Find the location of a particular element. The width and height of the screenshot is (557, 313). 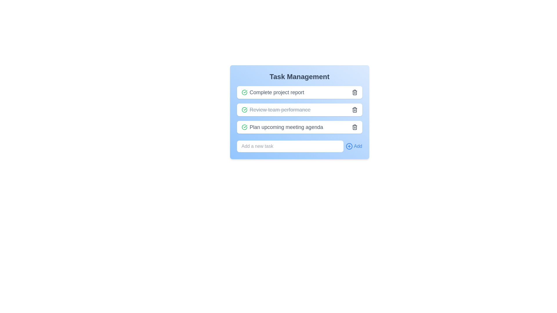

the circular dashed outline of the check icon in the first task row titled 'Complete project report' located near the top left of the interface is located at coordinates (244, 92).